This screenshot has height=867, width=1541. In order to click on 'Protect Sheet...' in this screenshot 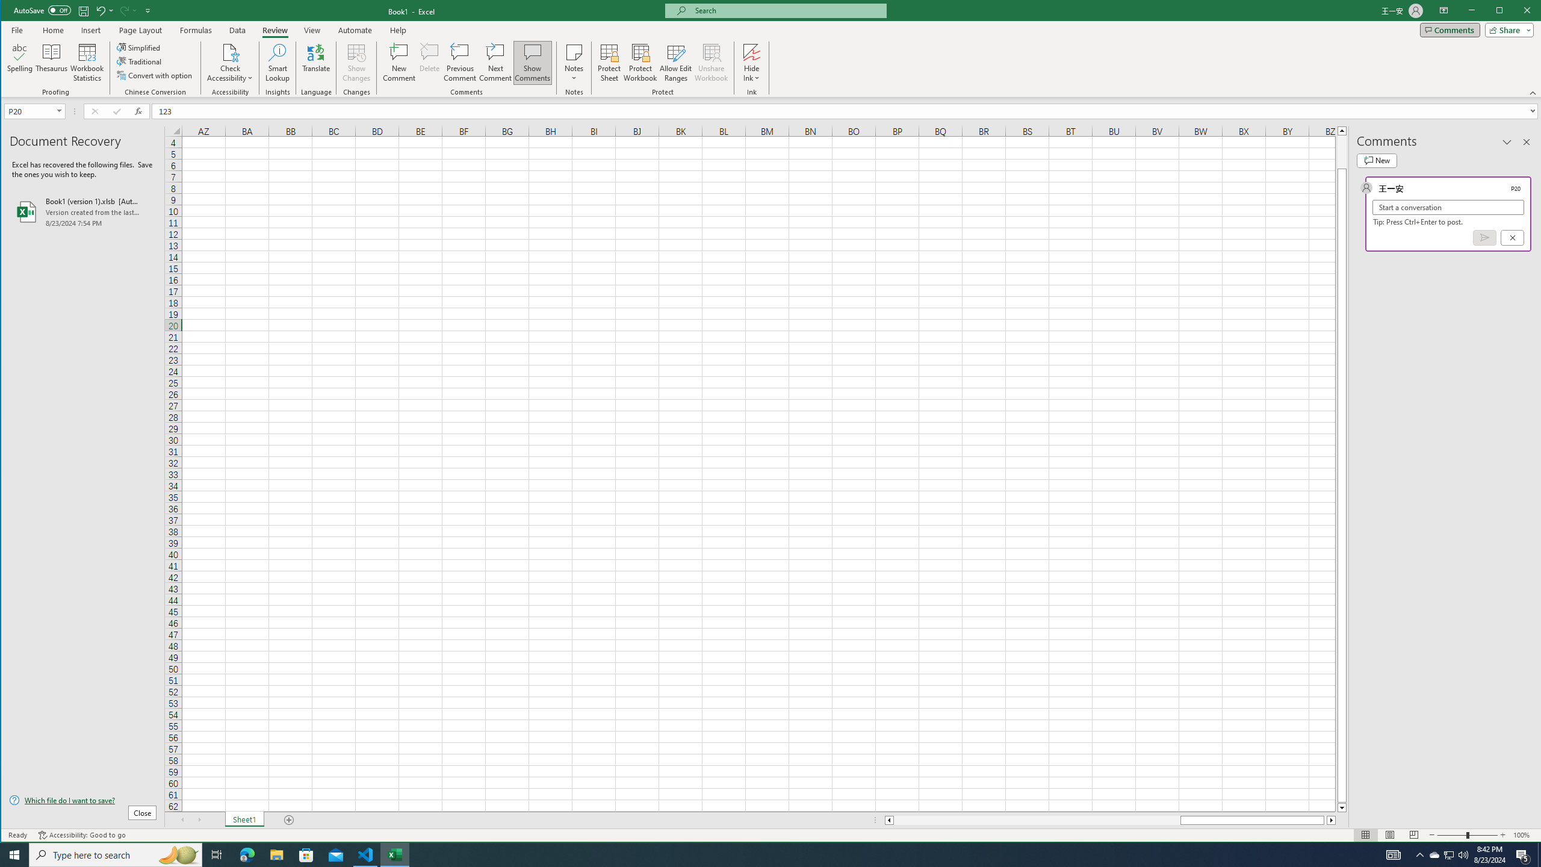, I will do `click(609, 62)`.